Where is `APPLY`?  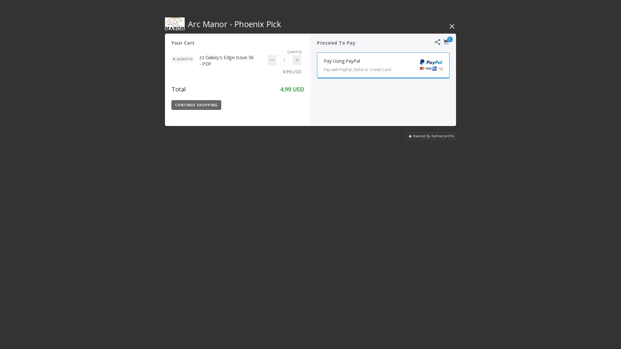 APPLY is located at coordinates (287, 104).